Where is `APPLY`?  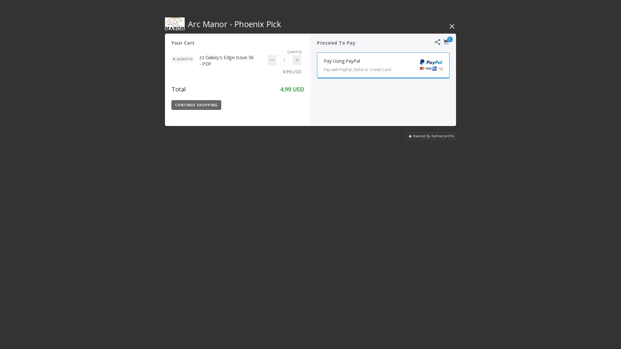 APPLY is located at coordinates (287, 104).